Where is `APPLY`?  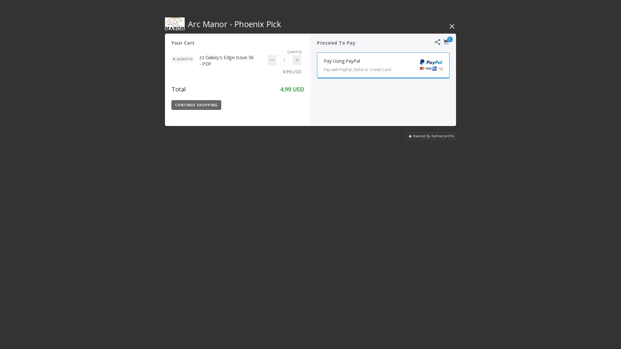 APPLY is located at coordinates (287, 104).